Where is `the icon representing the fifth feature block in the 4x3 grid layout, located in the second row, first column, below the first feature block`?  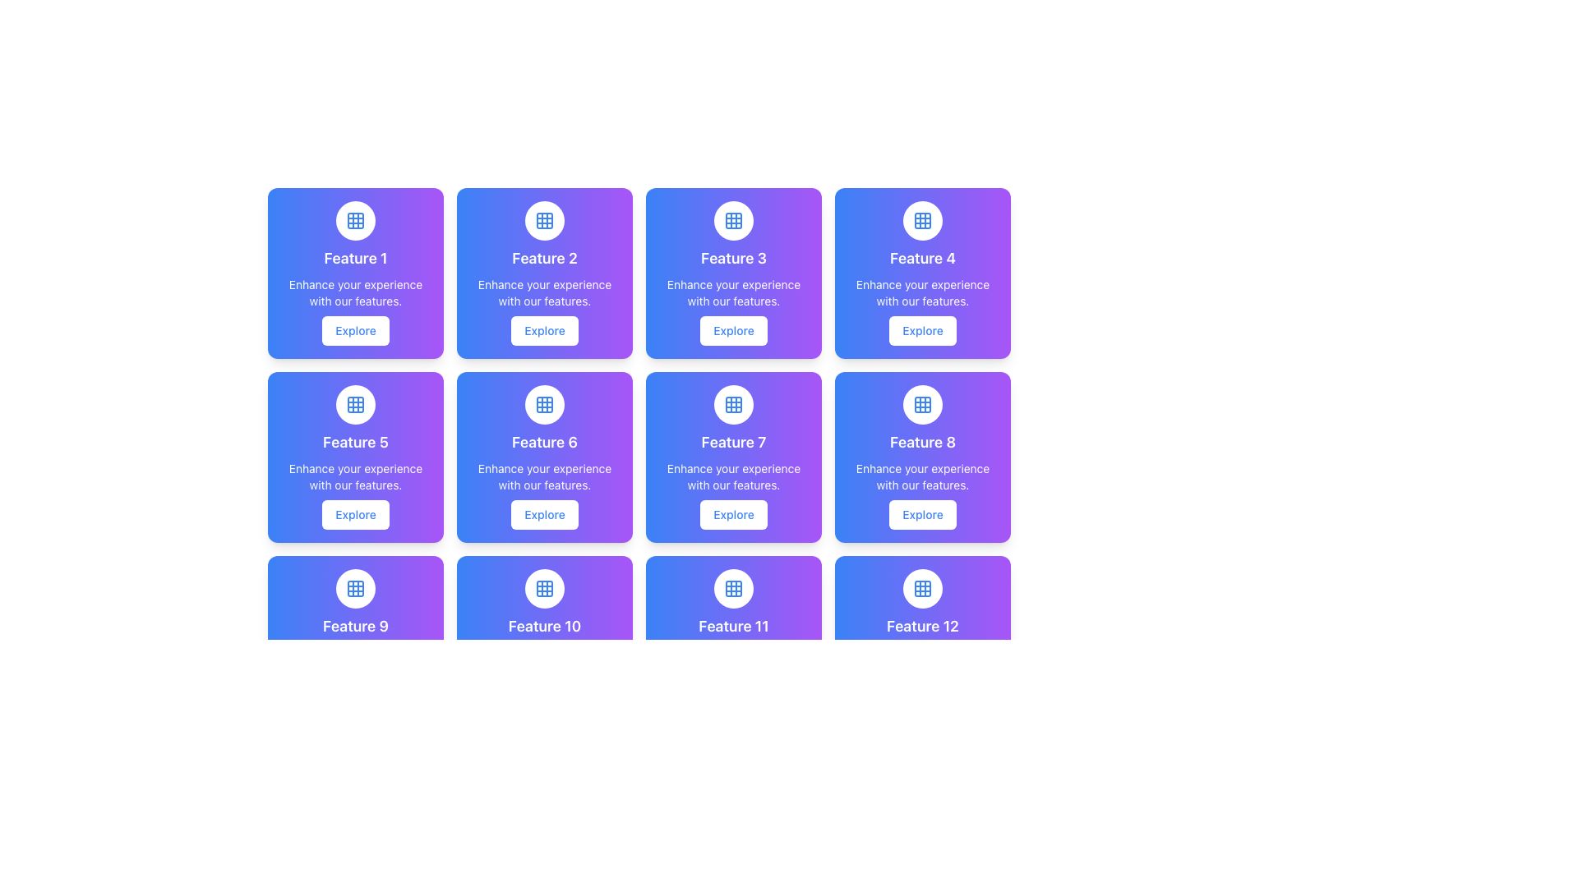
the icon representing the fifth feature block in the 4x3 grid layout, located in the second row, first column, below the first feature block is located at coordinates (354, 405).